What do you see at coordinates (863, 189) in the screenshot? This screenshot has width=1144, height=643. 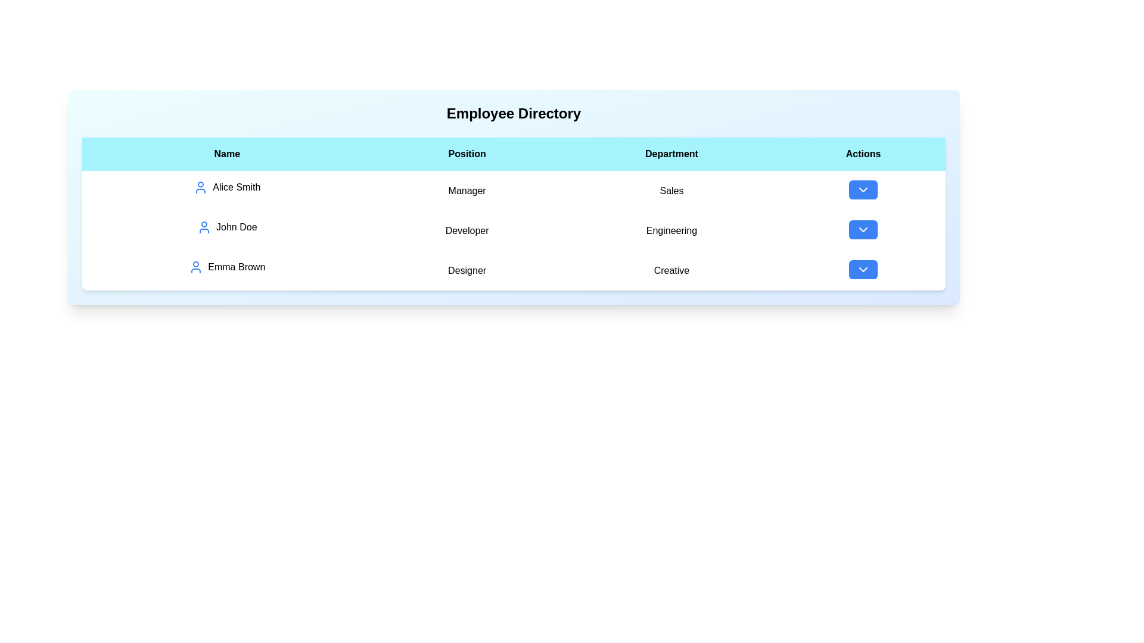 I see `the dropdown trigger button located in the top row of the 'Actions' column, aligned with the 'Sales' department and 'Manager' position` at bounding box center [863, 189].